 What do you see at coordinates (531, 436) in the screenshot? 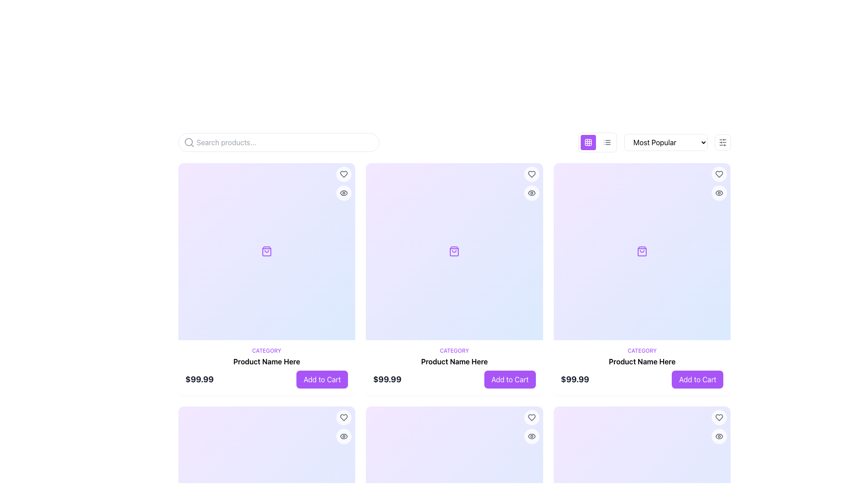
I see `the eye-shaped icon within the white circular button located at the bottom right corner of the card interface` at bounding box center [531, 436].